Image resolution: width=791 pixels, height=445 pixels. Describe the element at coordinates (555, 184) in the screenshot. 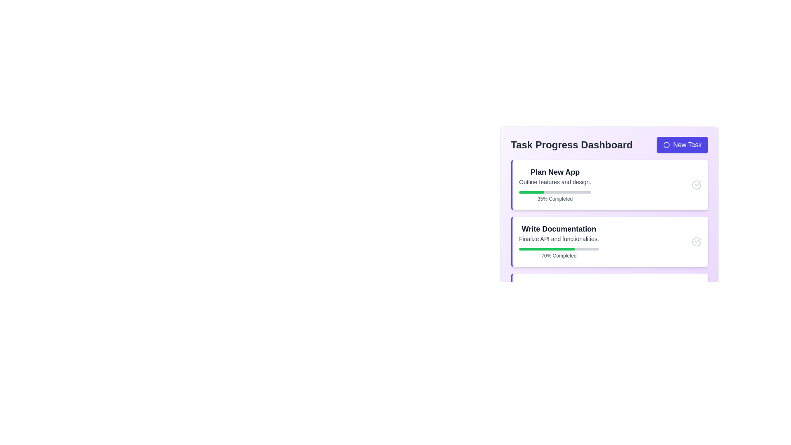

I see `details of the task displayed in the Information Card located in the upper part of the Task Progress Dashboard, which includes the task name, a short description, and the progress of the task completion` at that location.